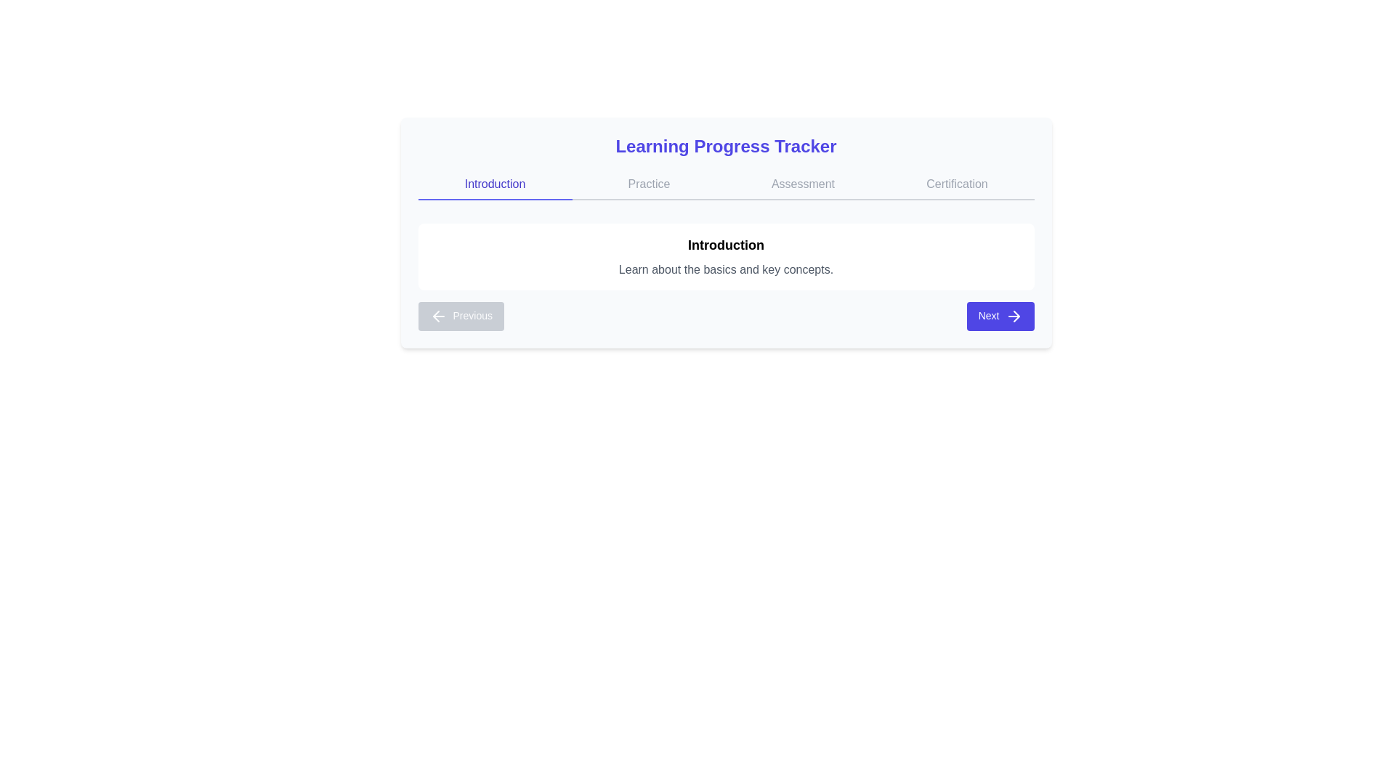 The image size is (1395, 784). I want to click on the 'Next' button to navigate to the next step, so click(1000, 315).